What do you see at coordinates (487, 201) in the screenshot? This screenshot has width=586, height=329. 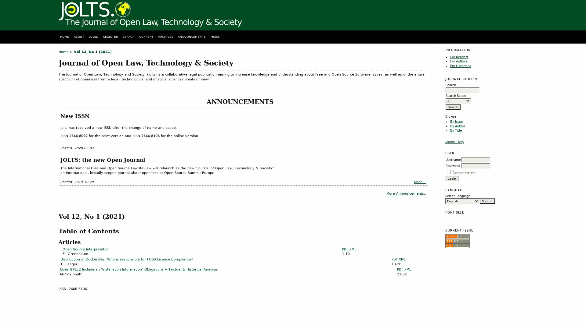 I see `Submit` at bounding box center [487, 201].